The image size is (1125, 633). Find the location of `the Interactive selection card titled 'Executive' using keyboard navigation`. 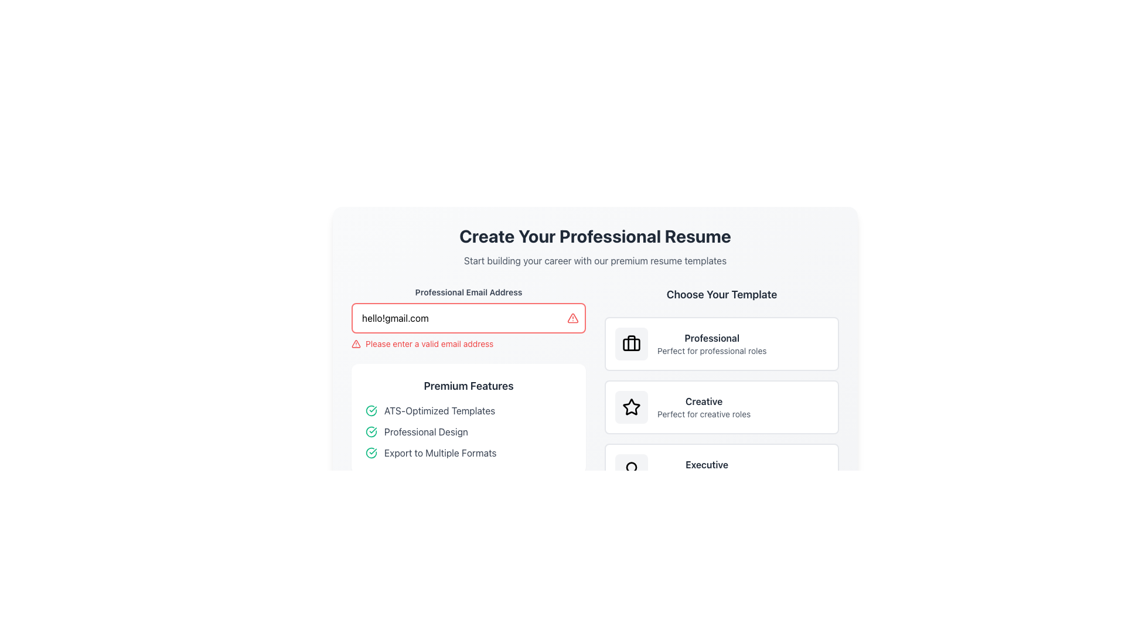

the Interactive selection card titled 'Executive' using keyboard navigation is located at coordinates (721, 469).